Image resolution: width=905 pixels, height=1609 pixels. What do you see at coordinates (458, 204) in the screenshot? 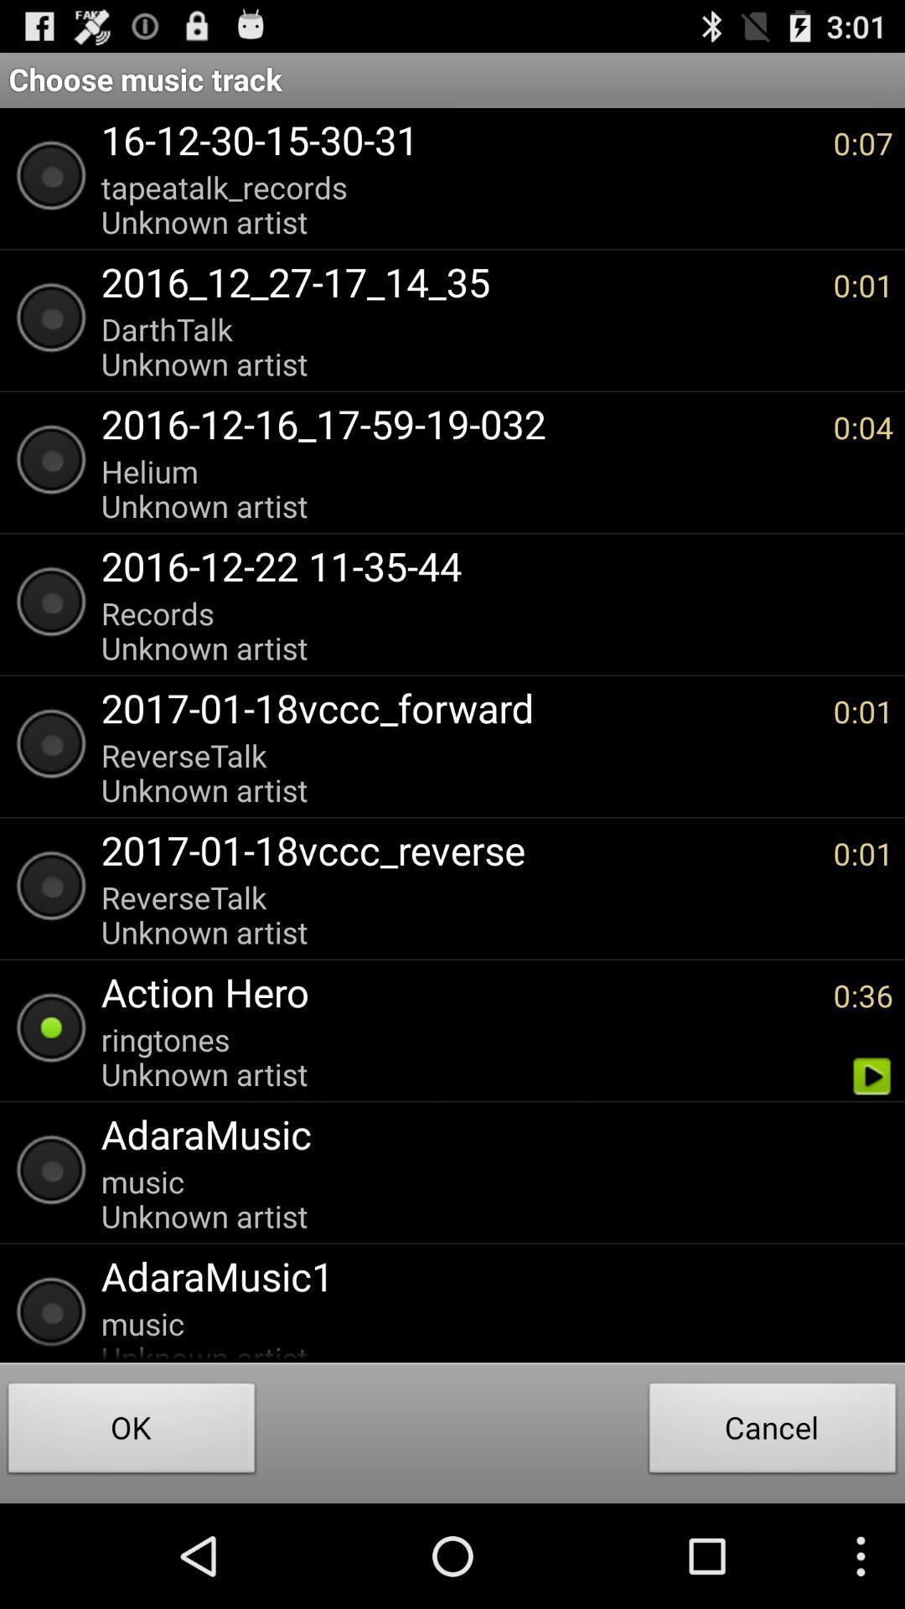
I see `the item to the left of 0:07 item` at bounding box center [458, 204].